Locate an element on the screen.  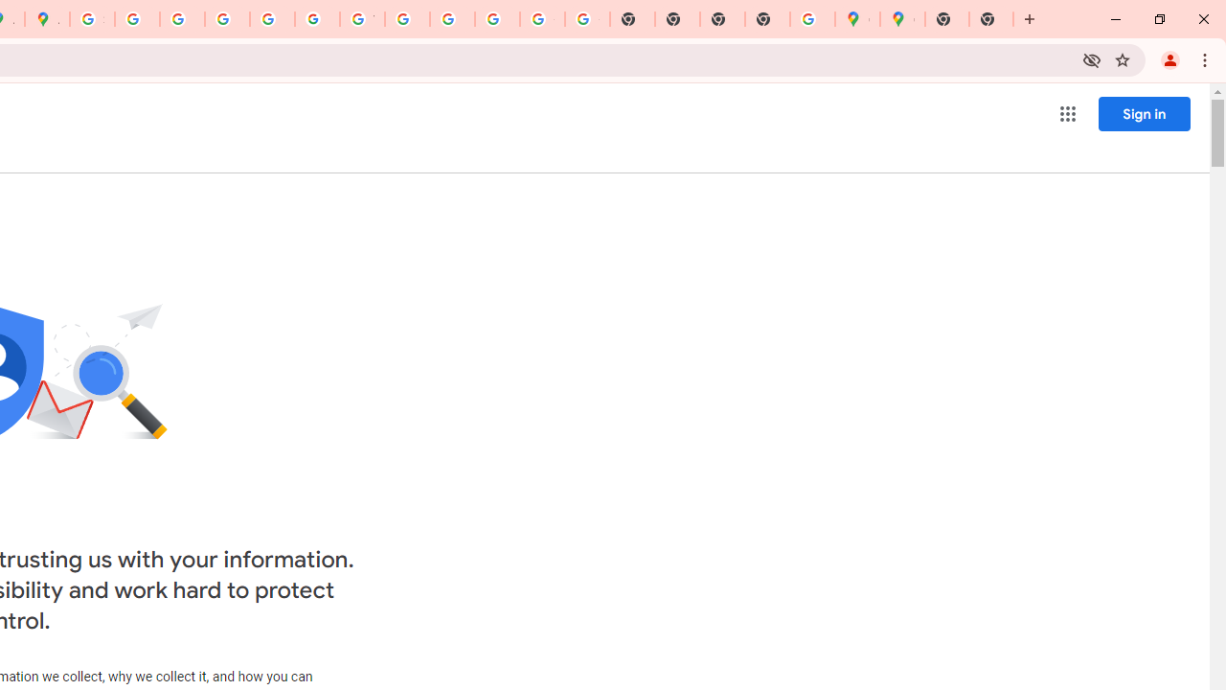
'Third-party cookies blocked' is located at coordinates (1091, 58).